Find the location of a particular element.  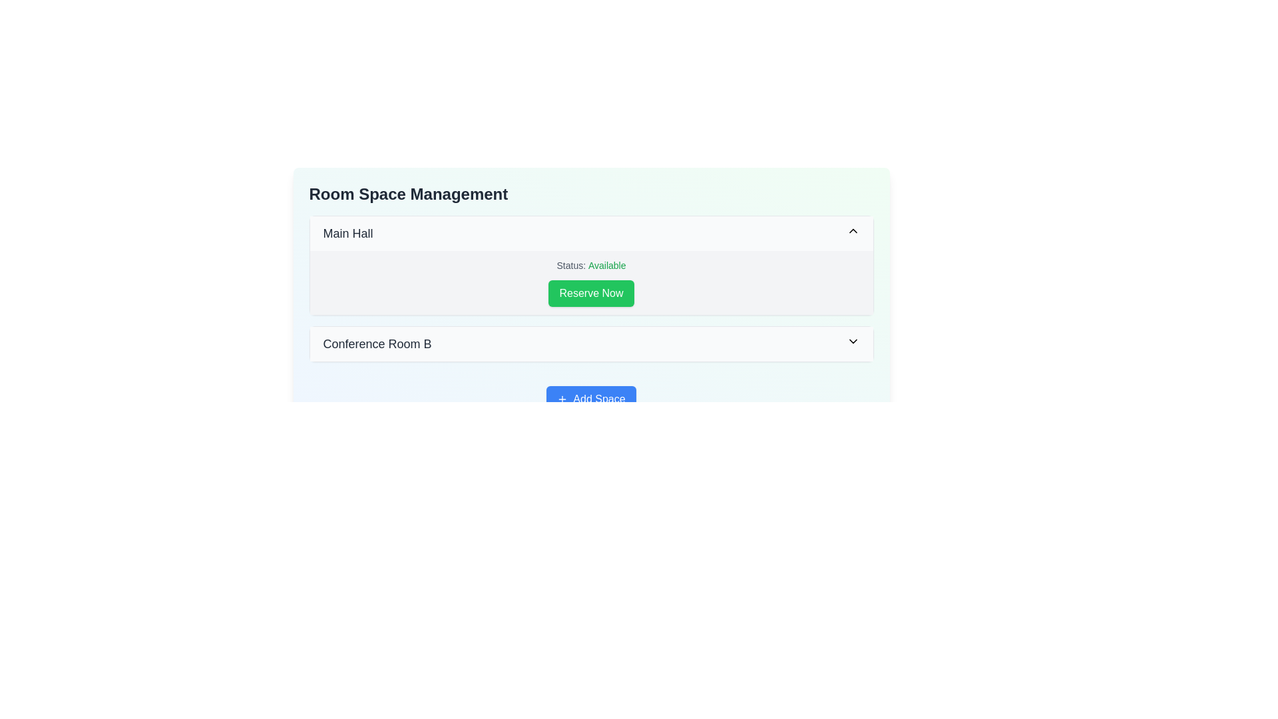

the green-colored text that reads 'Available.' This text is centrally positioned in the content area of the 'Main Hall' box, adjacent to the label 'Status:' and above the 'Reserve Now' button is located at coordinates (606, 265).